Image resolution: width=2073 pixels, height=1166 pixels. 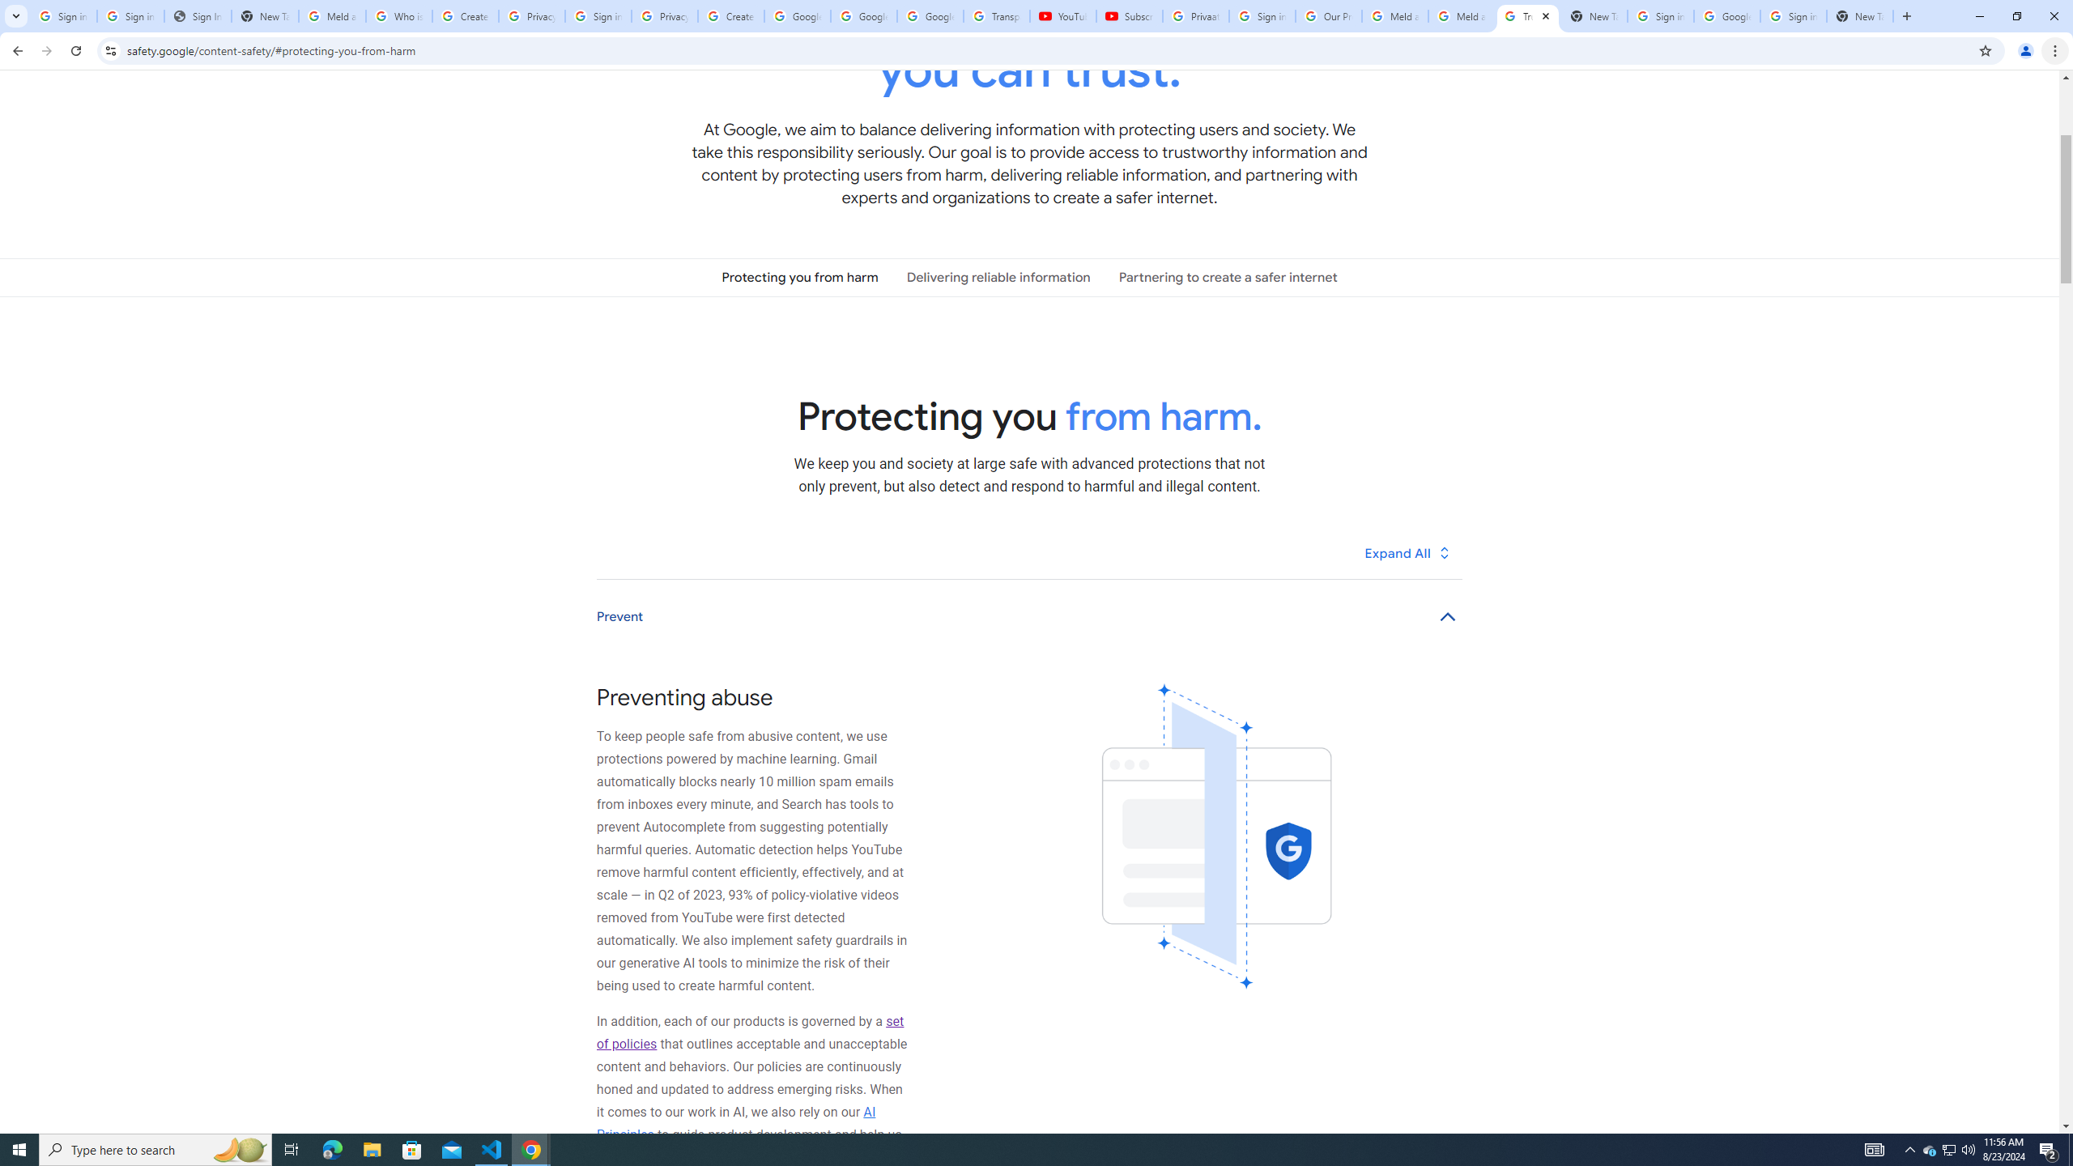 What do you see at coordinates (799, 276) in the screenshot?
I see `'Protecting you from harm'` at bounding box center [799, 276].